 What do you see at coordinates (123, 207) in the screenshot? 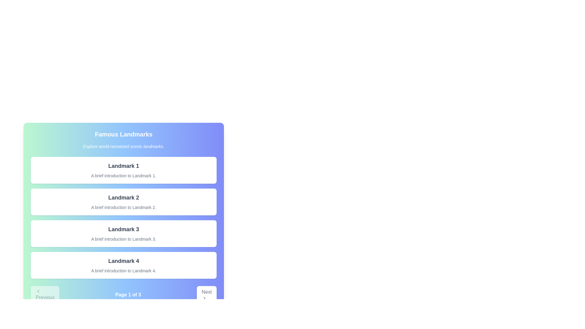
I see `the static text element displaying 'A brief introduction to Landmark 2.' which is positioned below the title 'Landmark 2'` at bounding box center [123, 207].